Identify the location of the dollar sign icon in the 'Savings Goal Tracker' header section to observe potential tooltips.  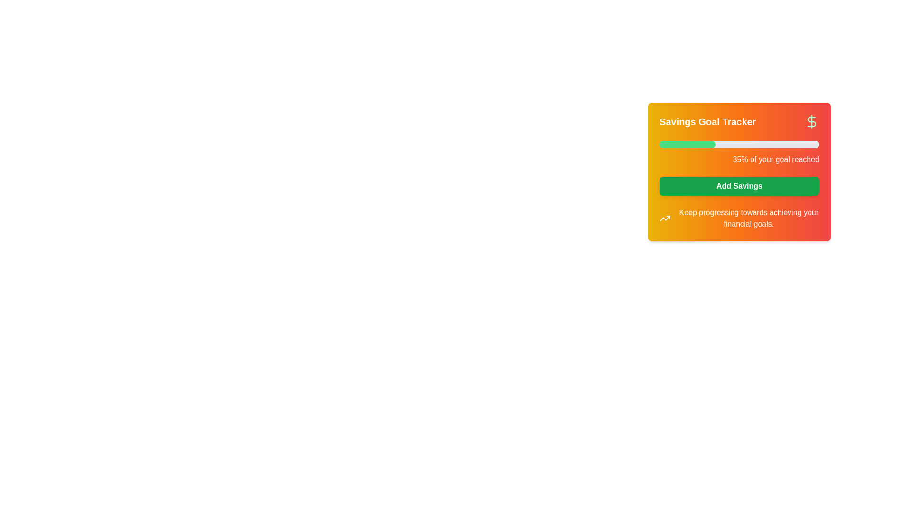
(739, 121).